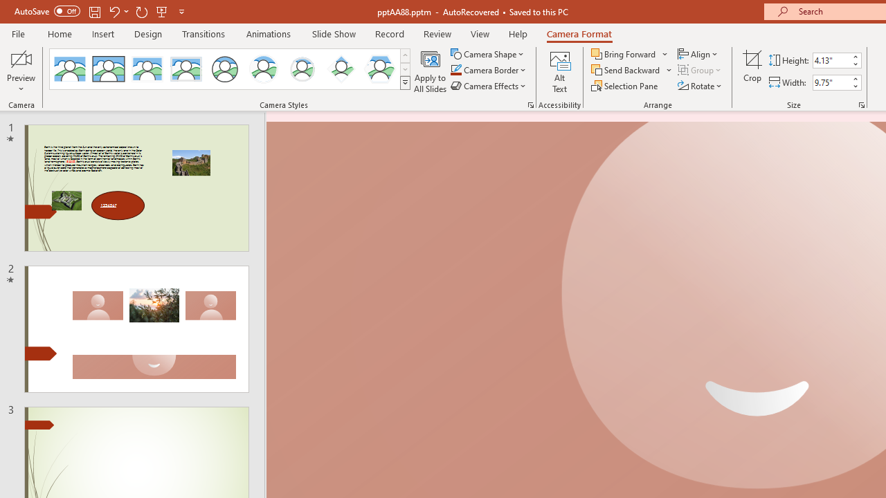  Describe the element at coordinates (230, 69) in the screenshot. I see `'AutomationID: CameoStylesGallery'` at that location.